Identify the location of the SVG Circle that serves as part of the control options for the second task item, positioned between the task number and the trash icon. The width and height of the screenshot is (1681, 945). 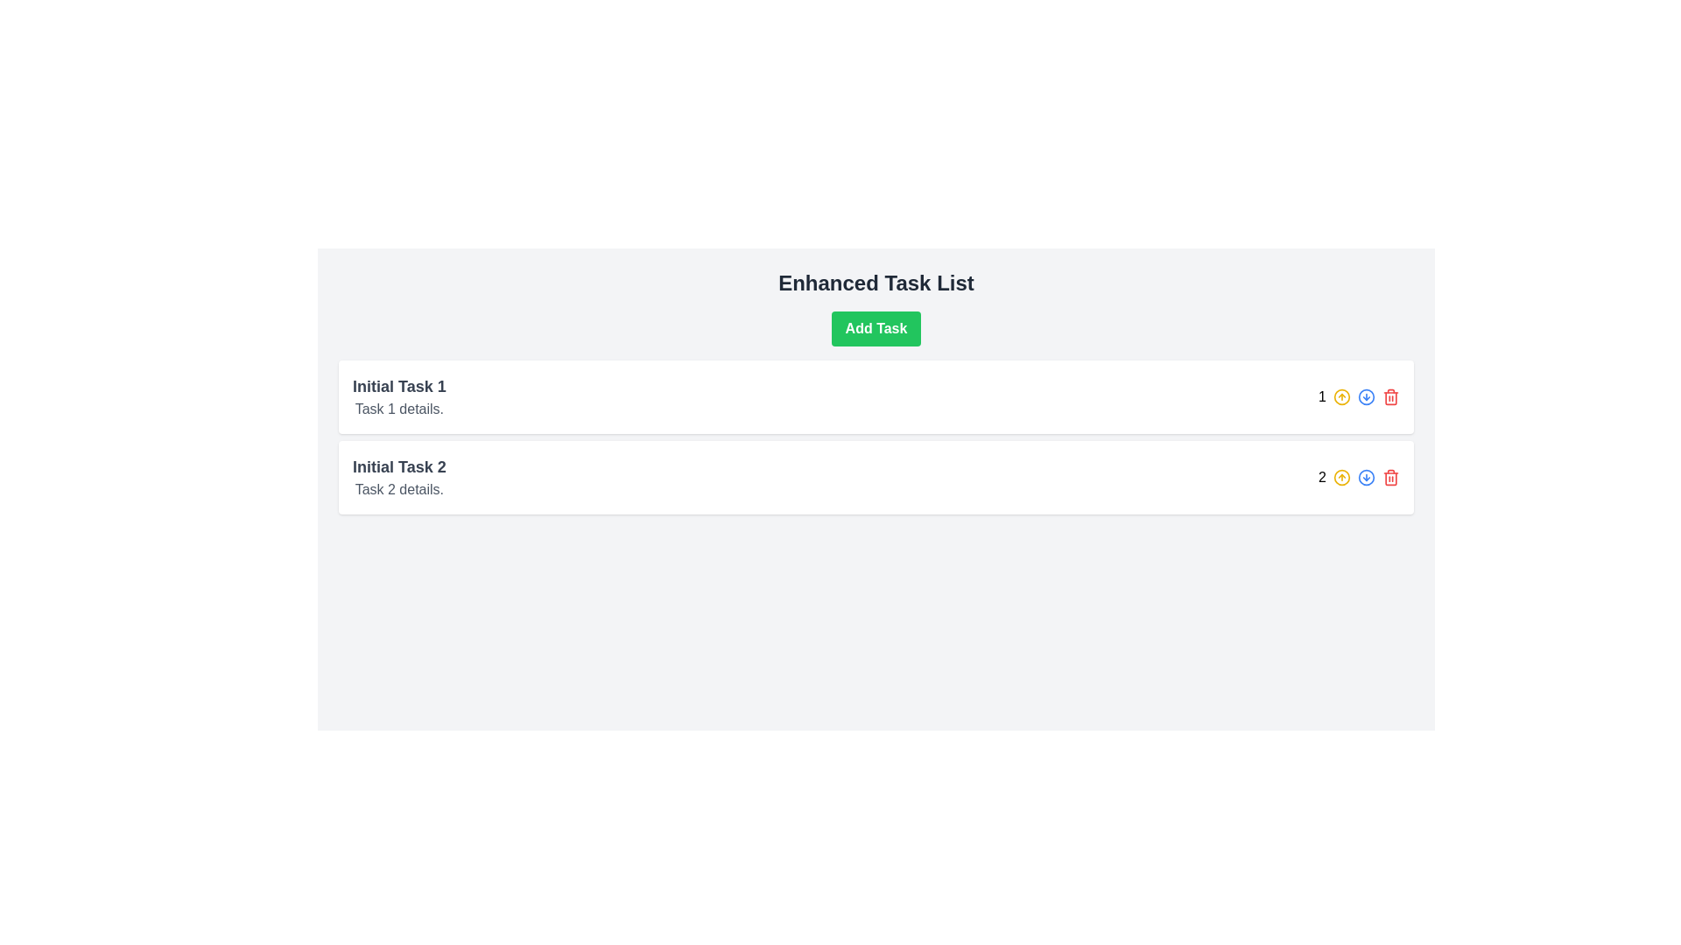
(1340, 397).